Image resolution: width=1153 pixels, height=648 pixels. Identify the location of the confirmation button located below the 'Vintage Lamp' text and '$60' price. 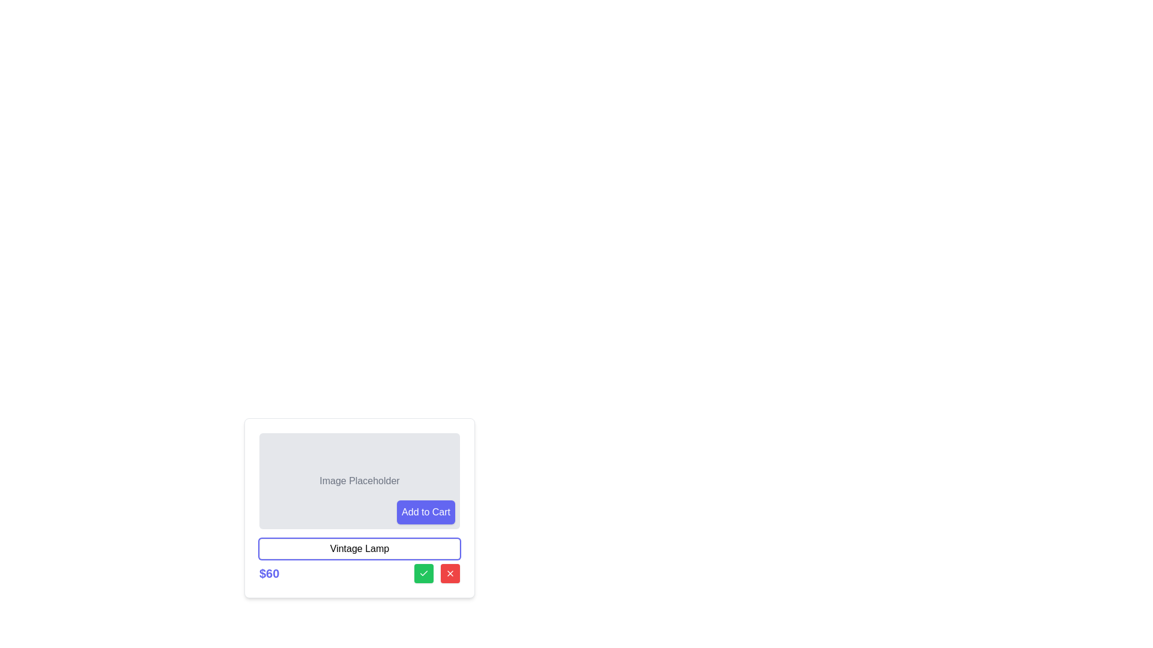
(423, 573).